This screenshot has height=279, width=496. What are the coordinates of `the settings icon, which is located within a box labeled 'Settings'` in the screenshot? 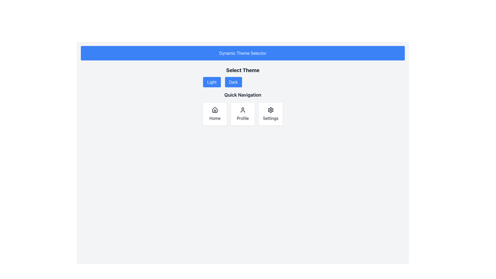 It's located at (270, 110).